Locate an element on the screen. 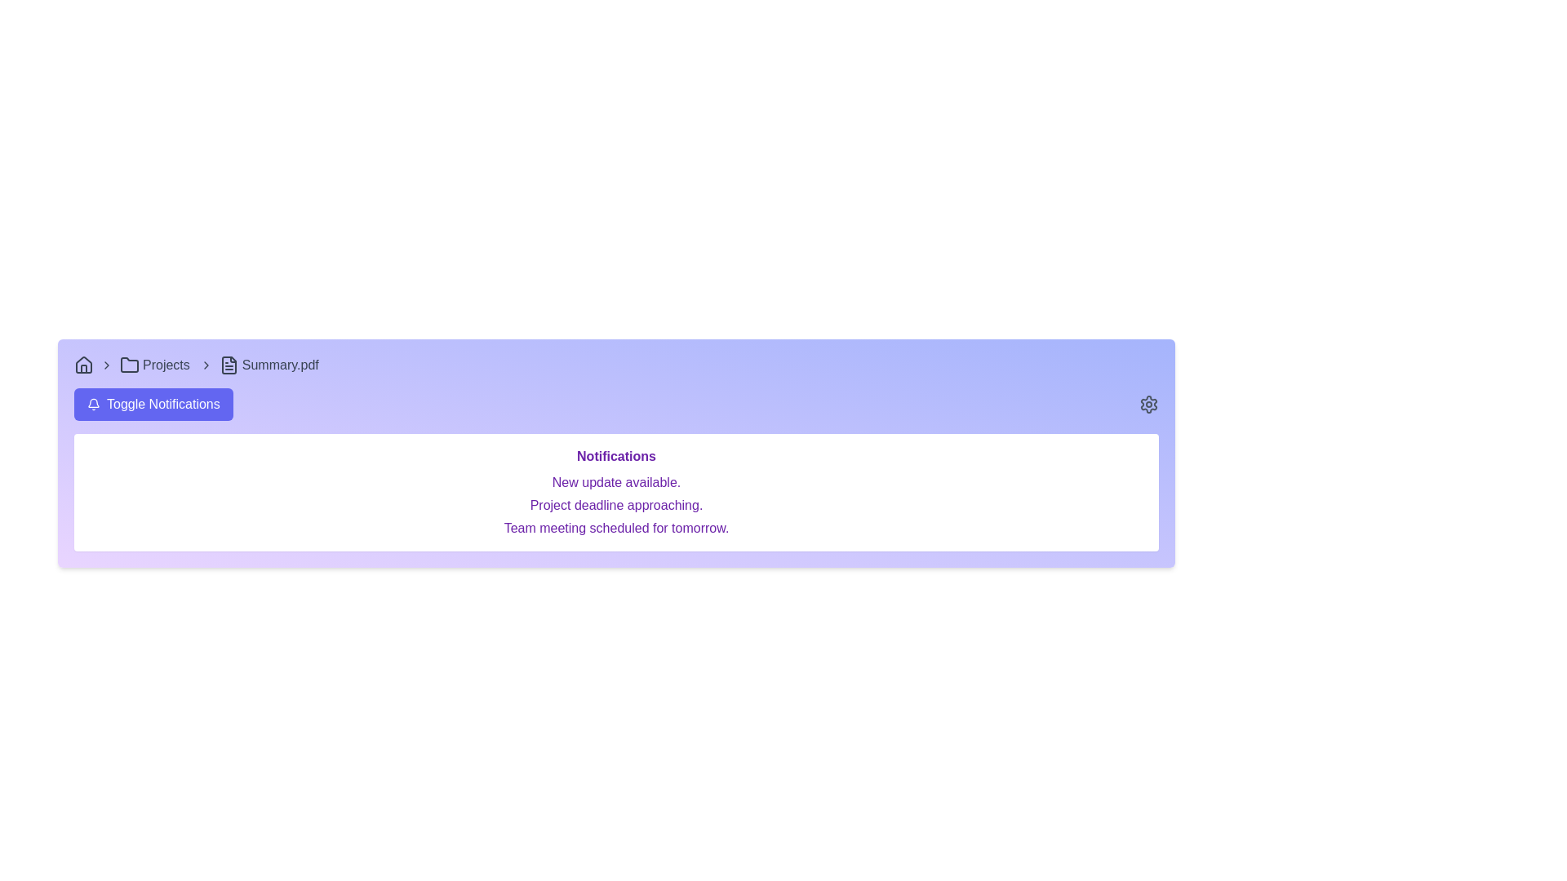 This screenshot has width=1567, height=881. the toggle button for managing notifications located in the header bar, positioned to the left of the settings icon is located at coordinates (153, 404).